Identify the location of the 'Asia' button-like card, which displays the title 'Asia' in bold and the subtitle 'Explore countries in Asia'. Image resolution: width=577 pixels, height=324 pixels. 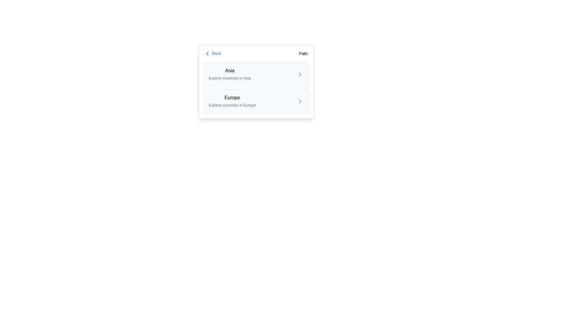
(256, 74).